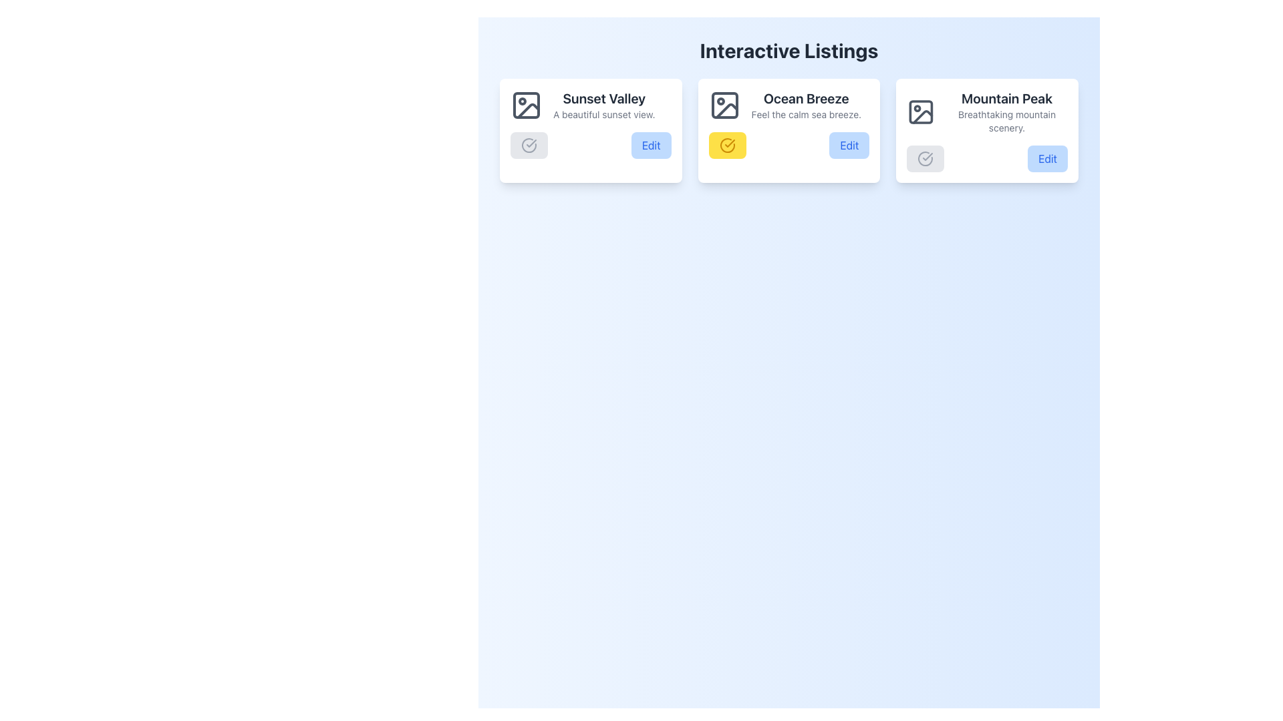 Image resolution: width=1283 pixels, height=721 pixels. What do you see at coordinates (726, 146) in the screenshot?
I see `the status icon located within the 'Ocean Breeze' card` at bounding box center [726, 146].